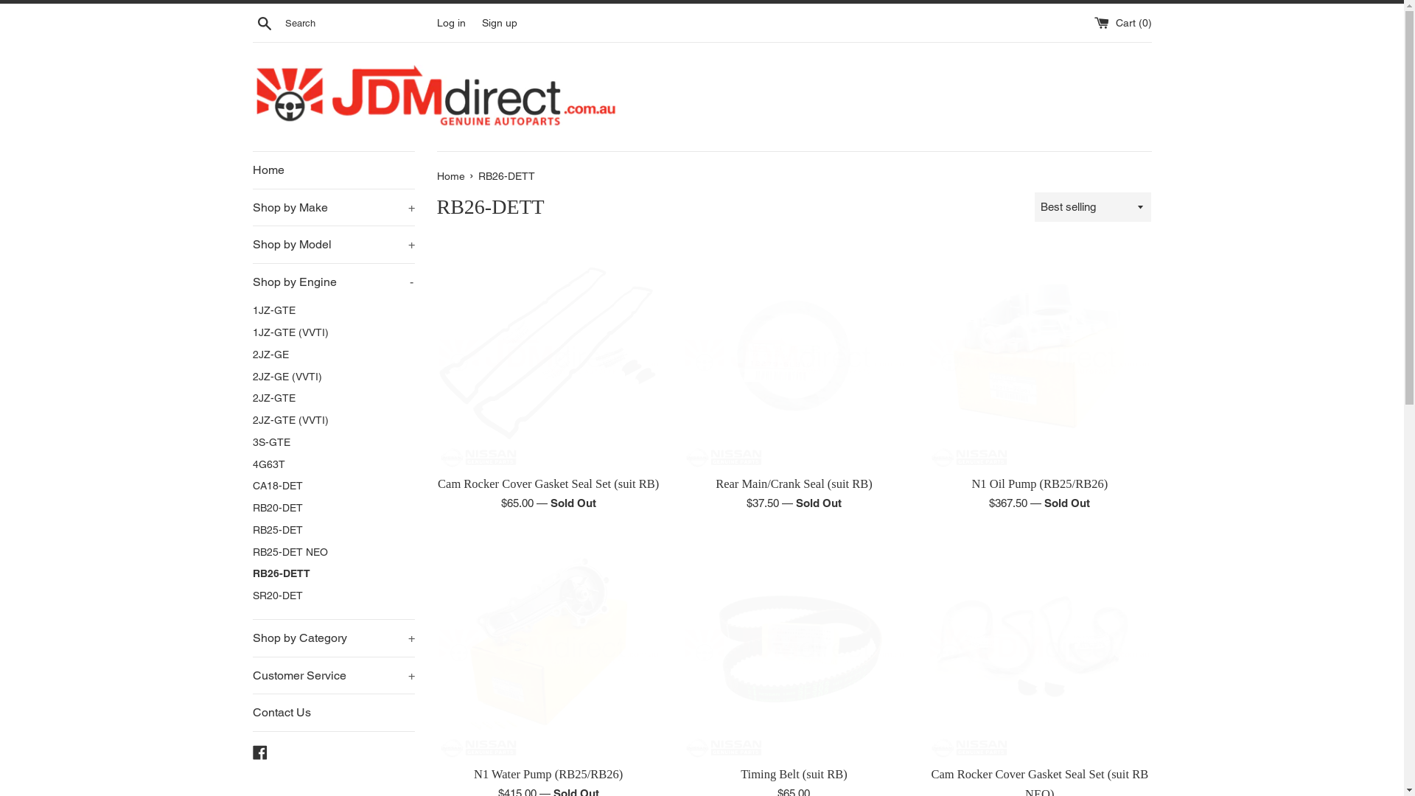  I want to click on 'Contact Us', so click(332, 712).